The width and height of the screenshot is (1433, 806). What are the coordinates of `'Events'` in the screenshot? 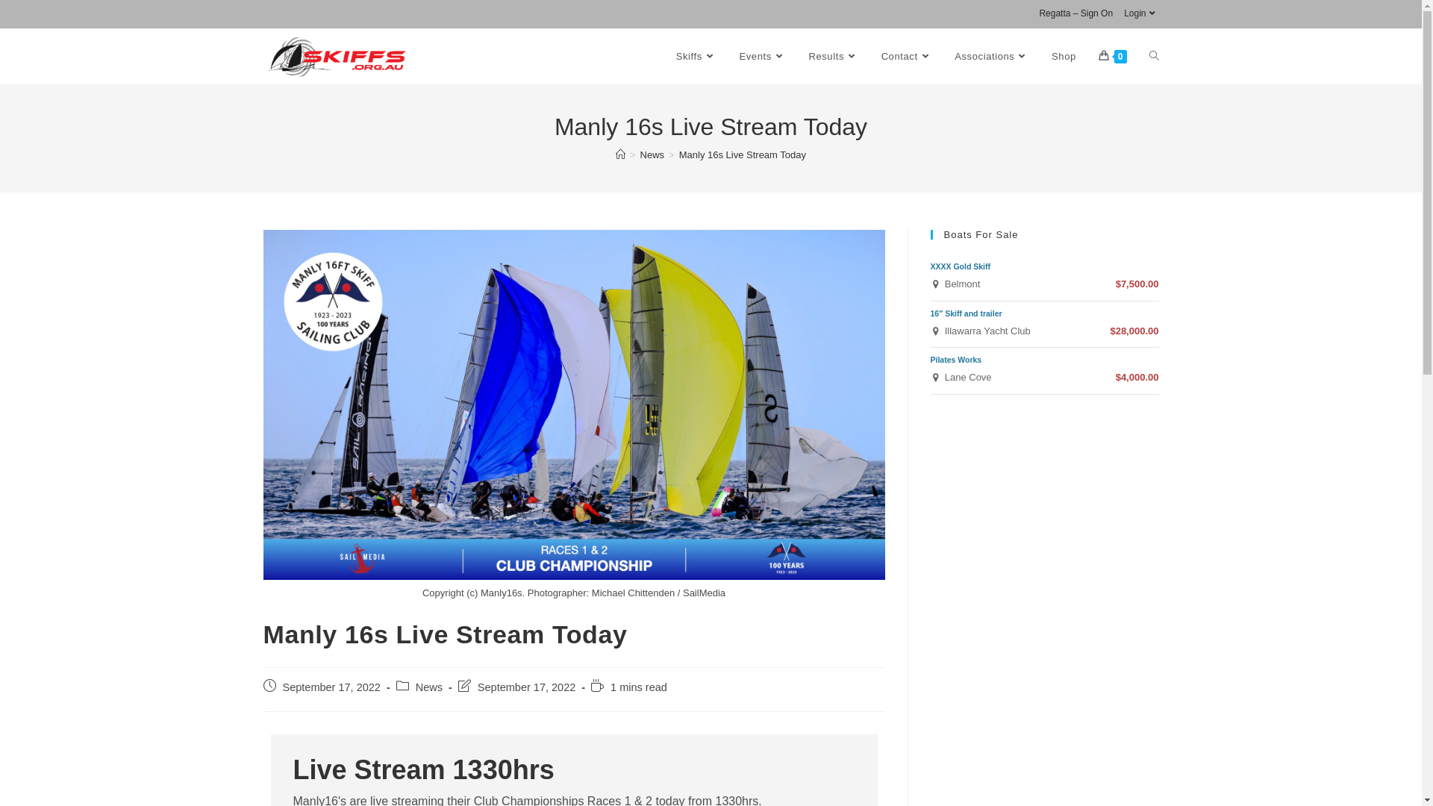 It's located at (763, 56).